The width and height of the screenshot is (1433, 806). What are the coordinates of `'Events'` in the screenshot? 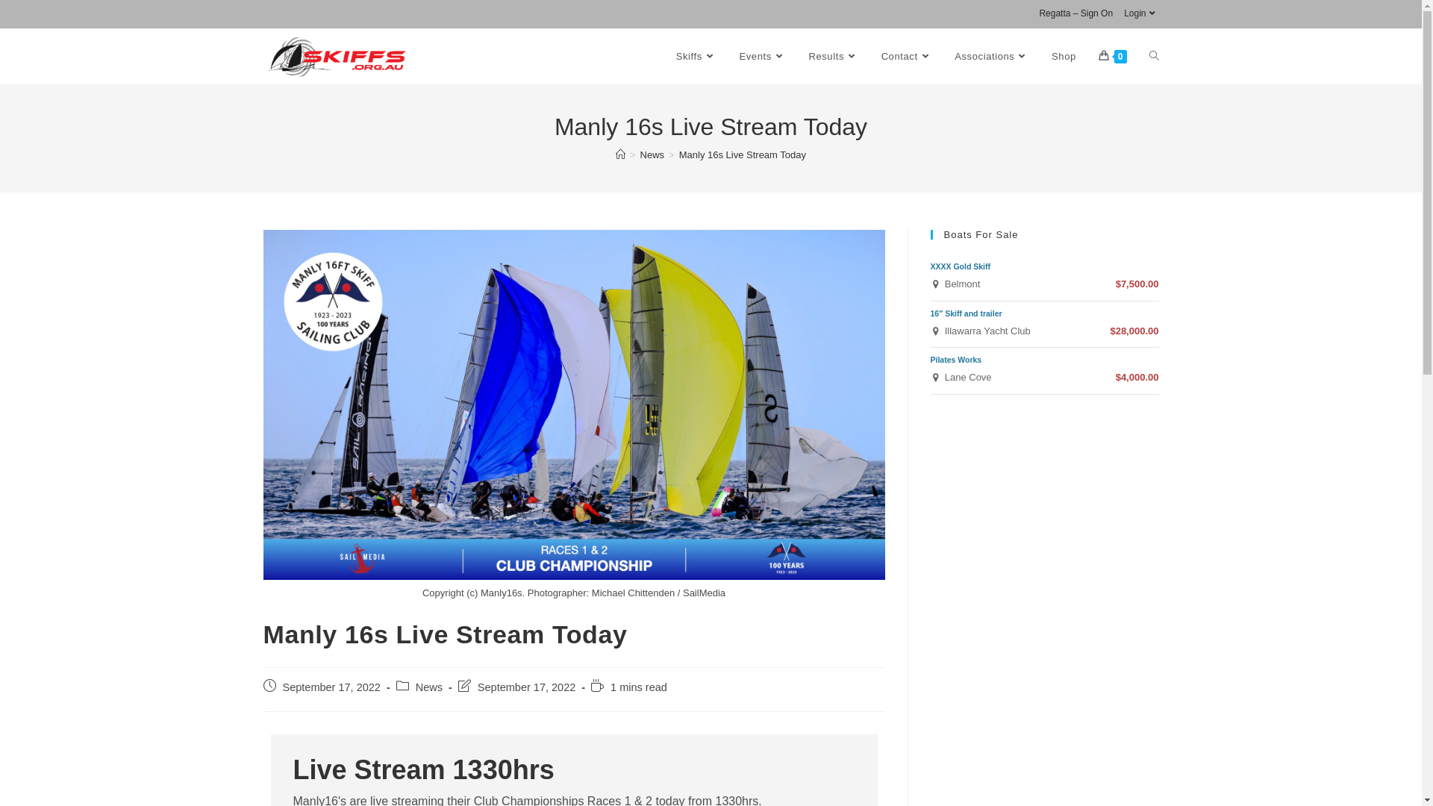 It's located at (763, 56).